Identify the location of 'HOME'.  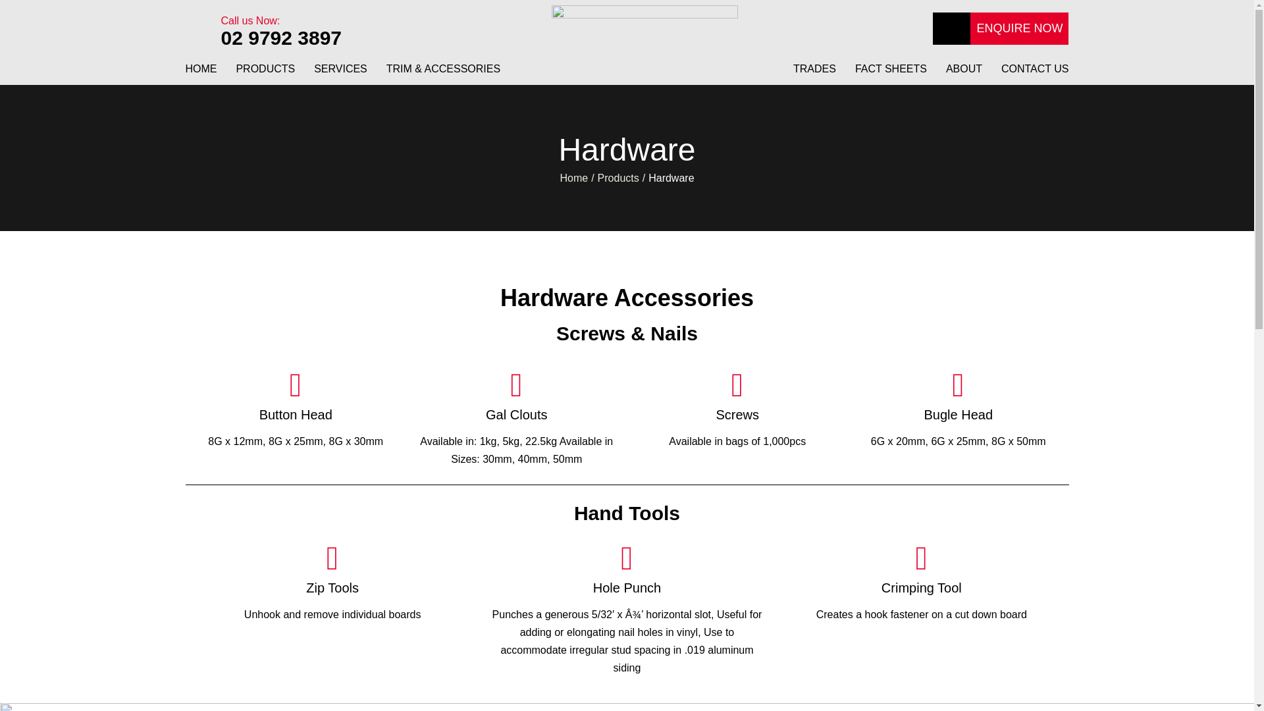
(201, 74).